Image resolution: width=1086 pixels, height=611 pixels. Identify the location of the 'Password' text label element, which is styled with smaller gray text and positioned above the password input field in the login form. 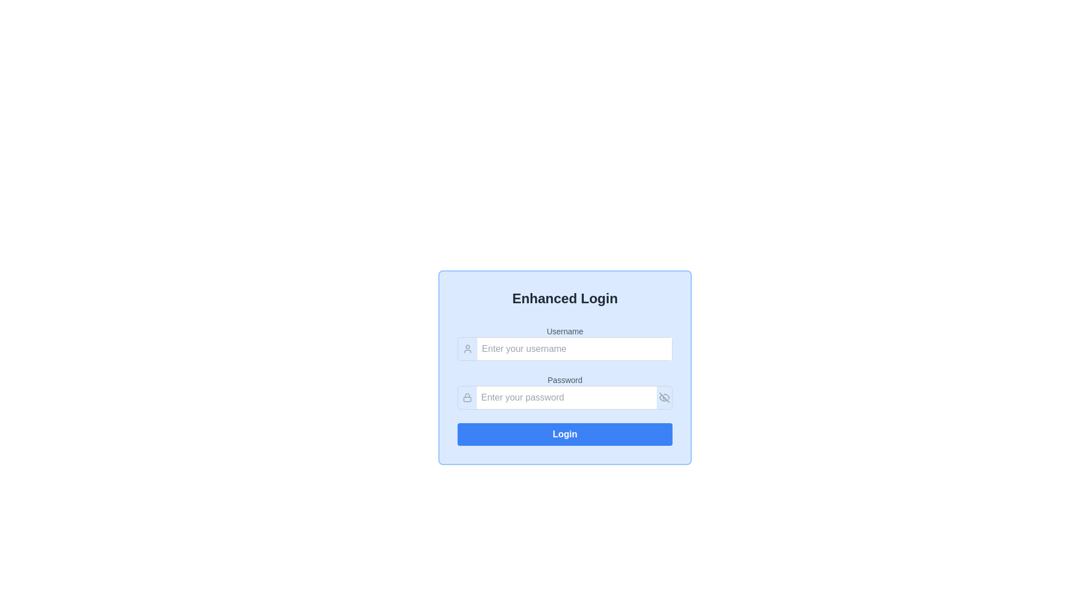
(564, 380).